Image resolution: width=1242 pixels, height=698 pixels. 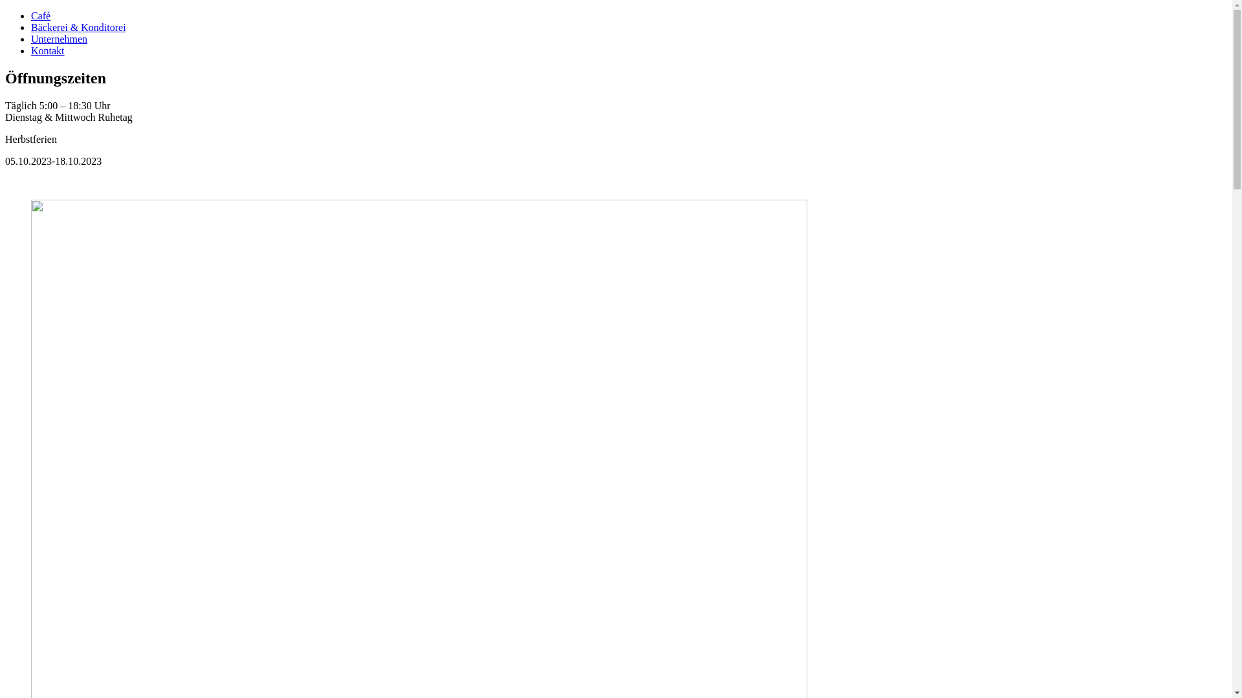 I want to click on 'Unternehmen', so click(x=58, y=38).